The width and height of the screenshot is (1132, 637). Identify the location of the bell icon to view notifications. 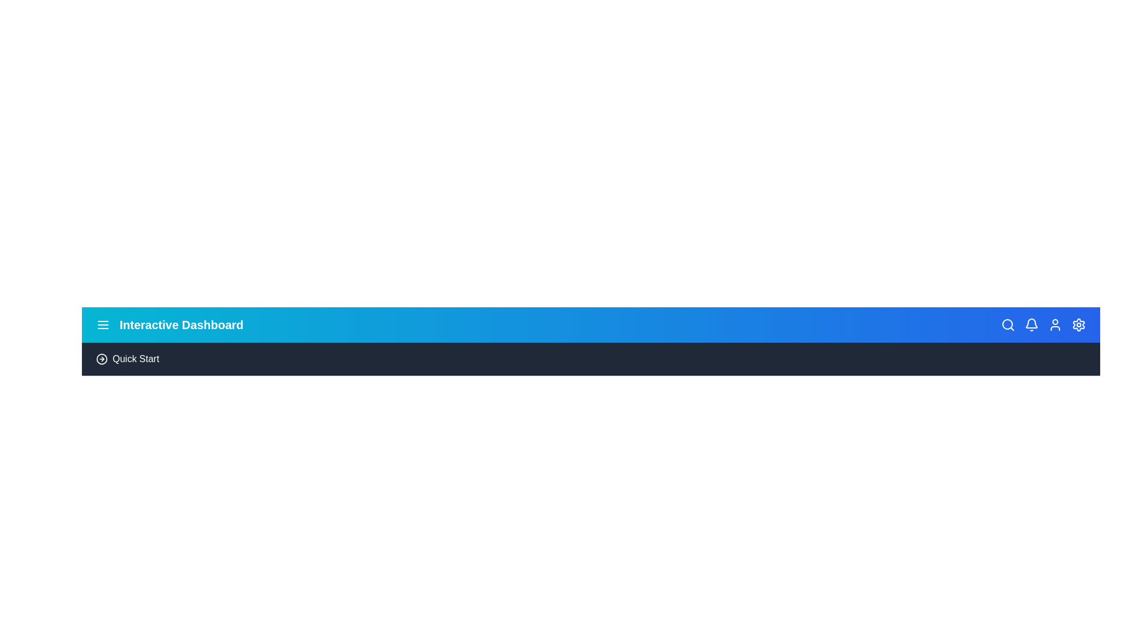
(1031, 325).